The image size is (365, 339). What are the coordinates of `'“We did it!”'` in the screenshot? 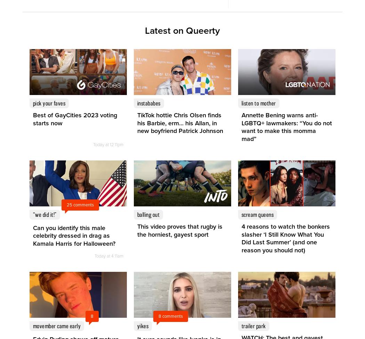 It's located at (44, 214).